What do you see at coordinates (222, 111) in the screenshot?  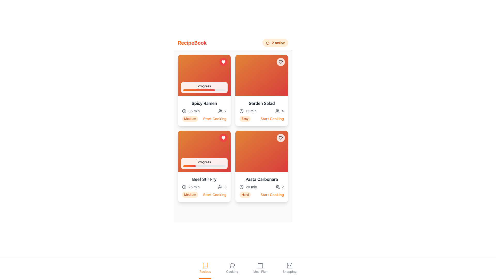 I see `numeral '2' text label located at the bottom section of the 'Spicy Ramen' recipe card, next to the user icon` at bounding box center [222, 111].